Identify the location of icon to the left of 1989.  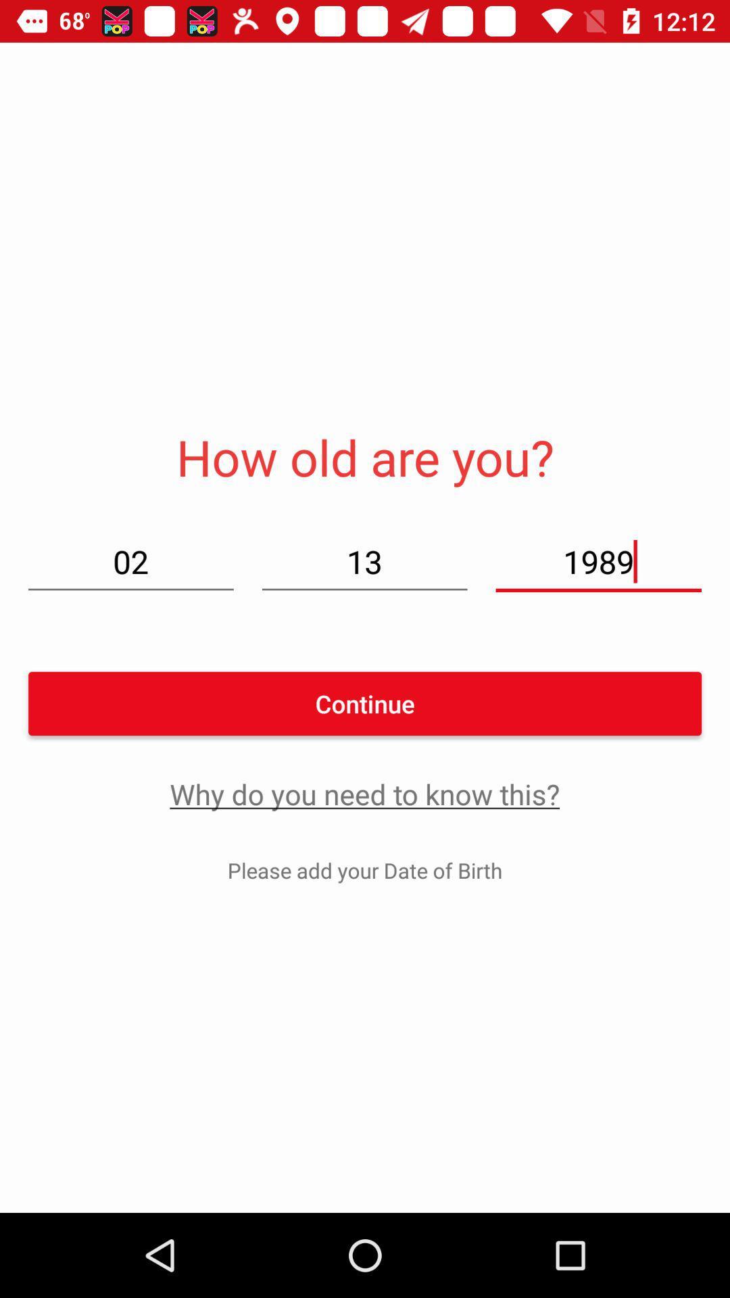
(364, 561).